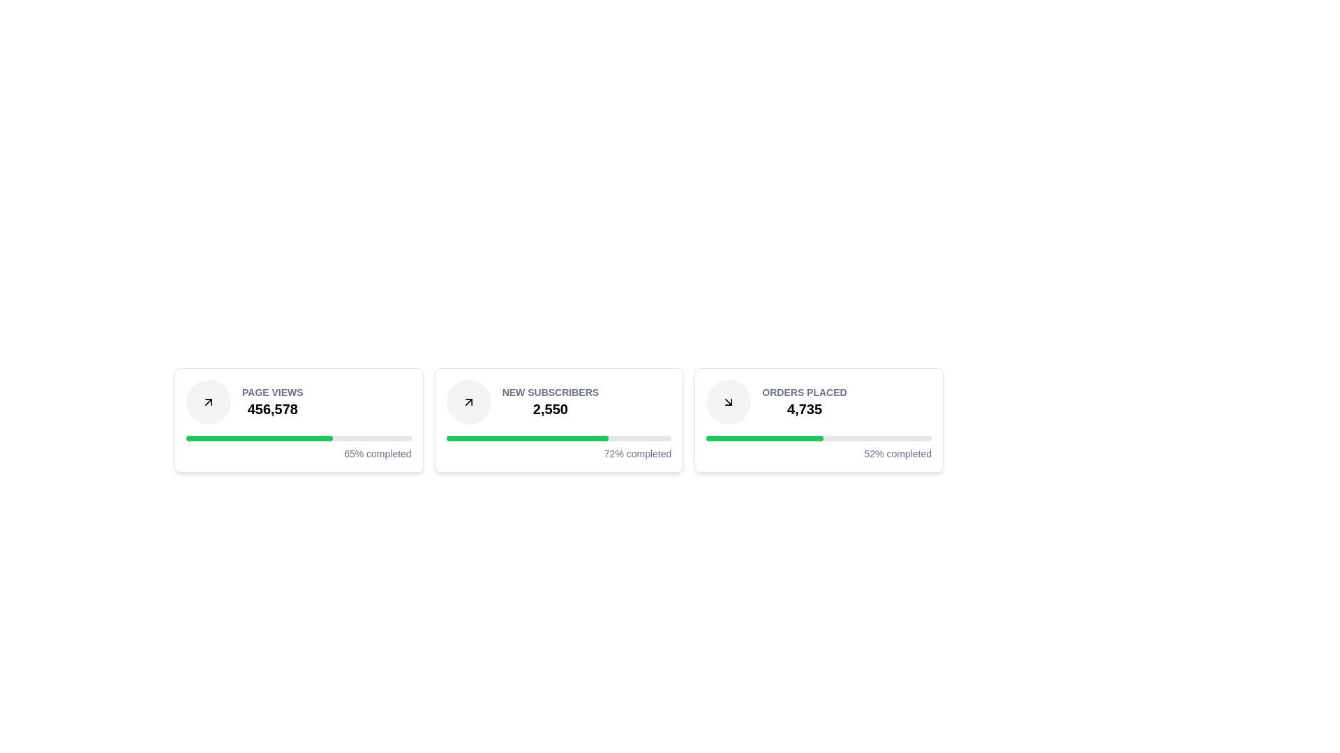 The width and height of the screenshot is (1340, 753). What do you see at coordinates (819, 448) in the screenshot?
I see `Progress Bar showing '52% completed' within the 'Orders Placed' card for additional details` at bounding box center [819, 448].